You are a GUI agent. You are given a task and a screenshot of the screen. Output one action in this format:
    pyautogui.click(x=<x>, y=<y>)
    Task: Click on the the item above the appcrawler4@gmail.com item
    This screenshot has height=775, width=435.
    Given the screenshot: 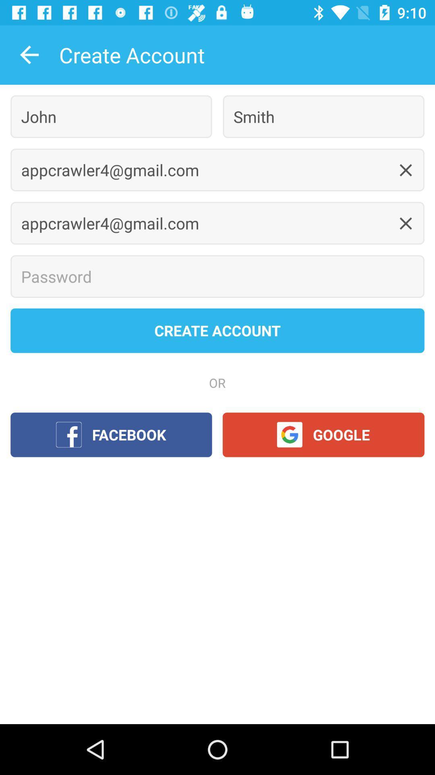 What is the action you would take?
    pyautogui.click(x=111, y=116)
    